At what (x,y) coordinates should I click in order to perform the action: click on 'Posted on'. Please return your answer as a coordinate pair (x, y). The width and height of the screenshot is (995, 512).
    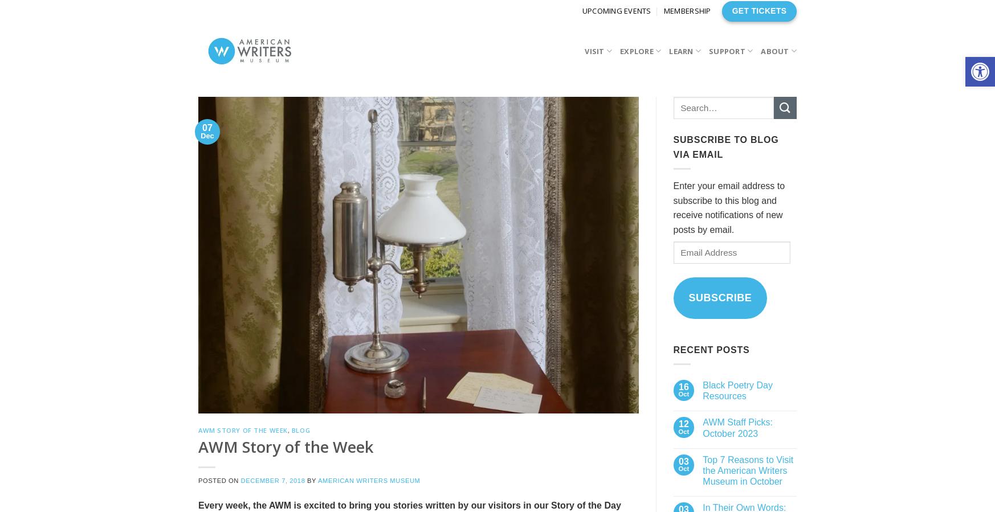
    Looking at the image, I should click on (198, 480).